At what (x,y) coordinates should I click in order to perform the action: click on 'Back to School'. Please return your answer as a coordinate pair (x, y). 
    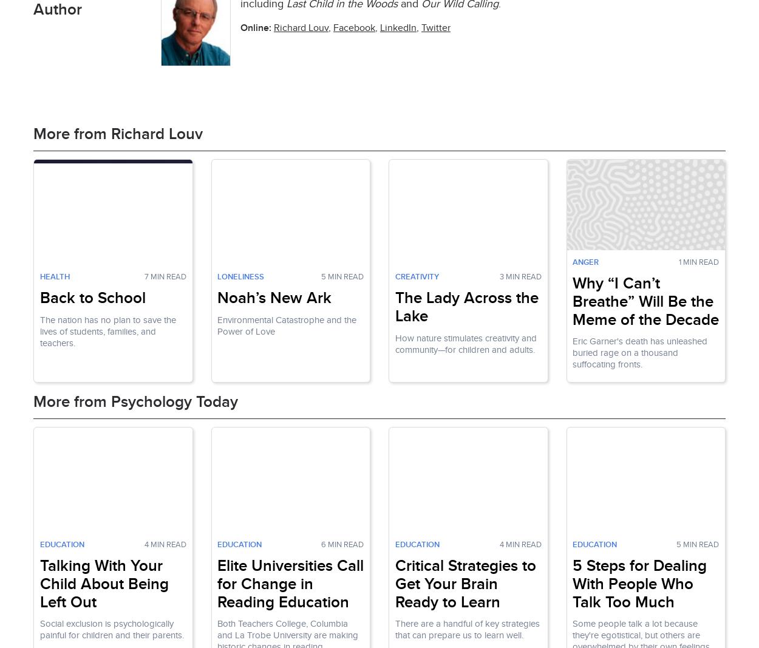
    Looking at the image, I should click on (92, 296).